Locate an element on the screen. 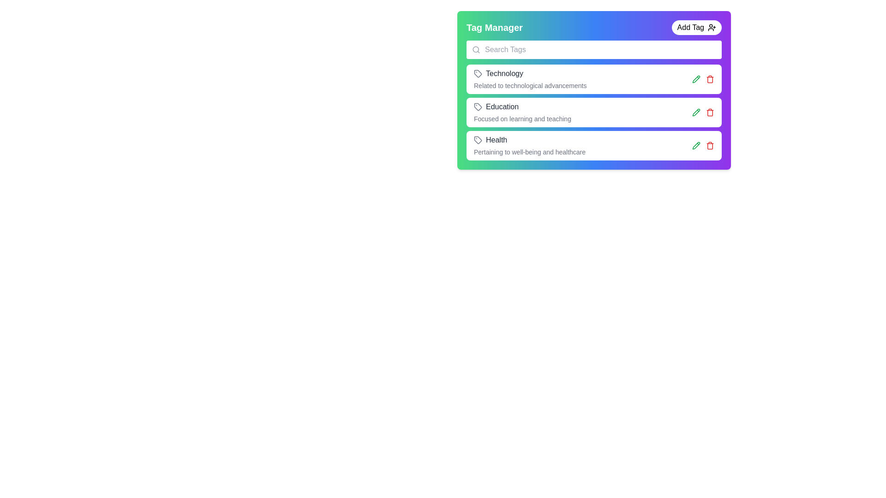 The width and height of the screenshot is (886, 498). the green pencil icon button located next to the 'Education' tag in the 'Tag Manager' section is located at coordinates (696, 79).